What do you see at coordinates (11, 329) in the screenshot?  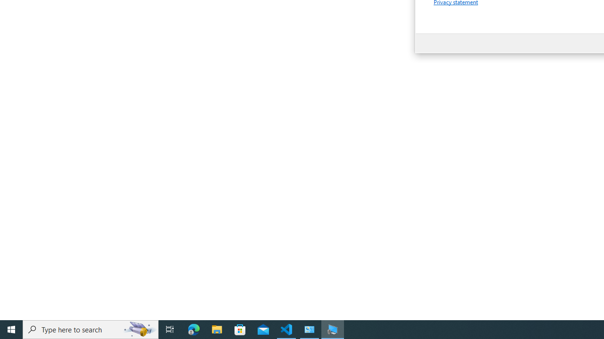 I see `'Start'` at bounding box center [11, 329].